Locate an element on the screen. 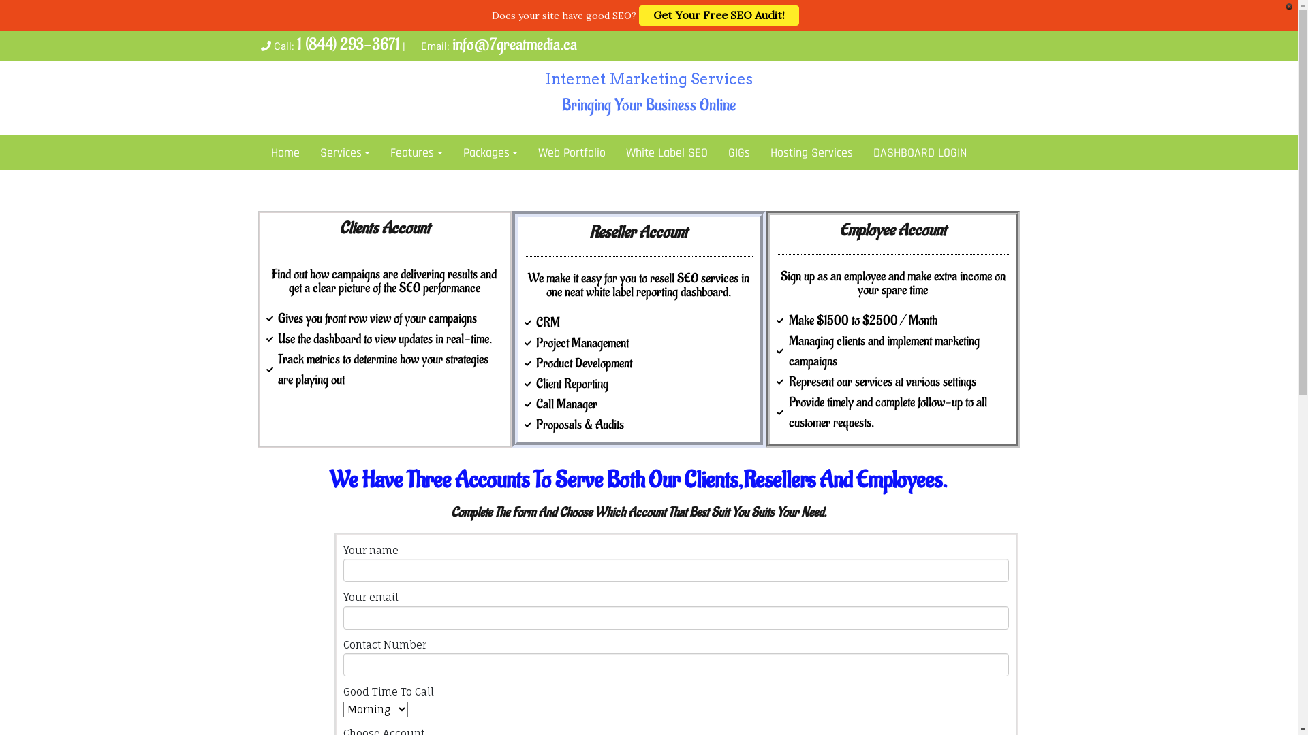 The height and width of the screenshot is (735, 1308). 'Web Portfolio' is located at coordinates (572, 152).